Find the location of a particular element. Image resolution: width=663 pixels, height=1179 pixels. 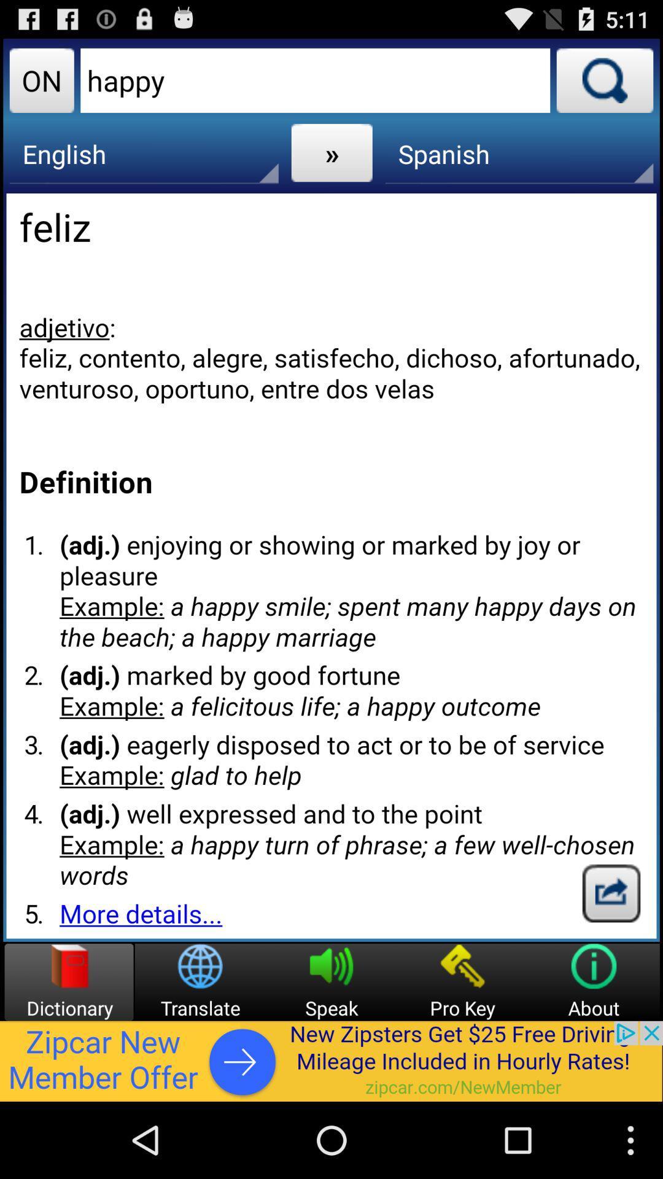

the advertisement is located at coordinates (331, 1060).